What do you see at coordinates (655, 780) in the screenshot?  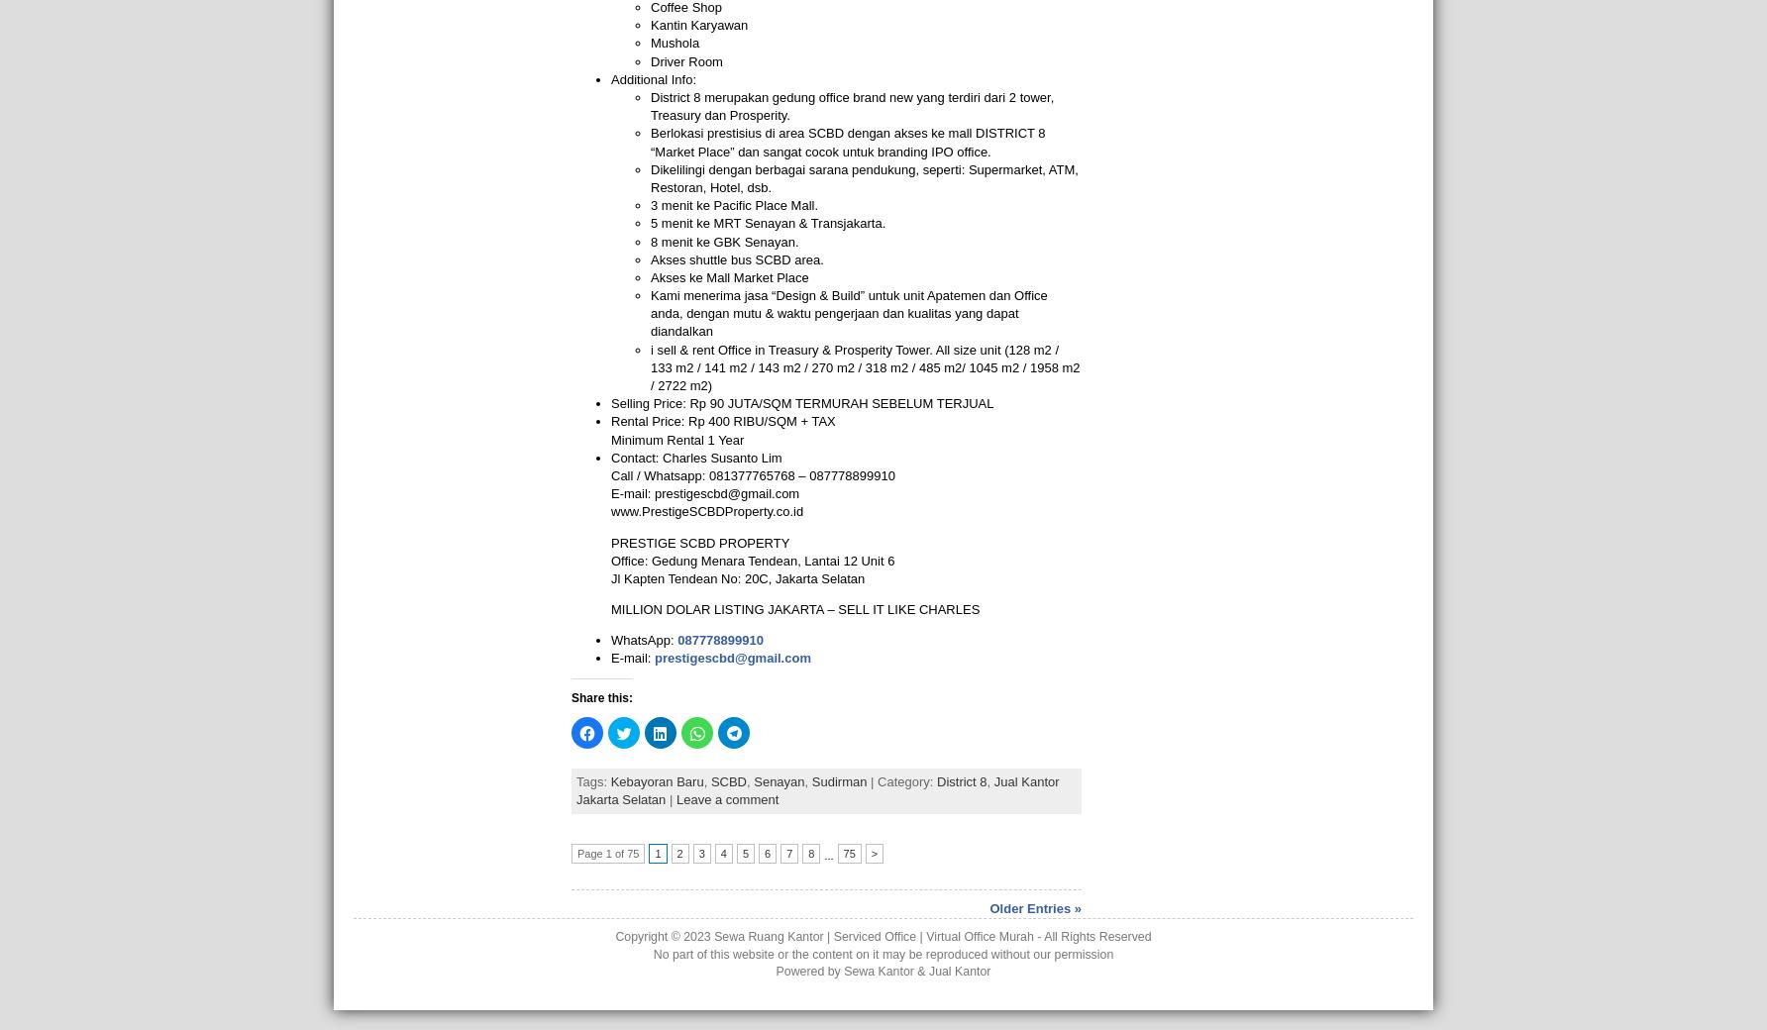 I see `'Kebayoran Baru'` at bounding box center [655, 780].